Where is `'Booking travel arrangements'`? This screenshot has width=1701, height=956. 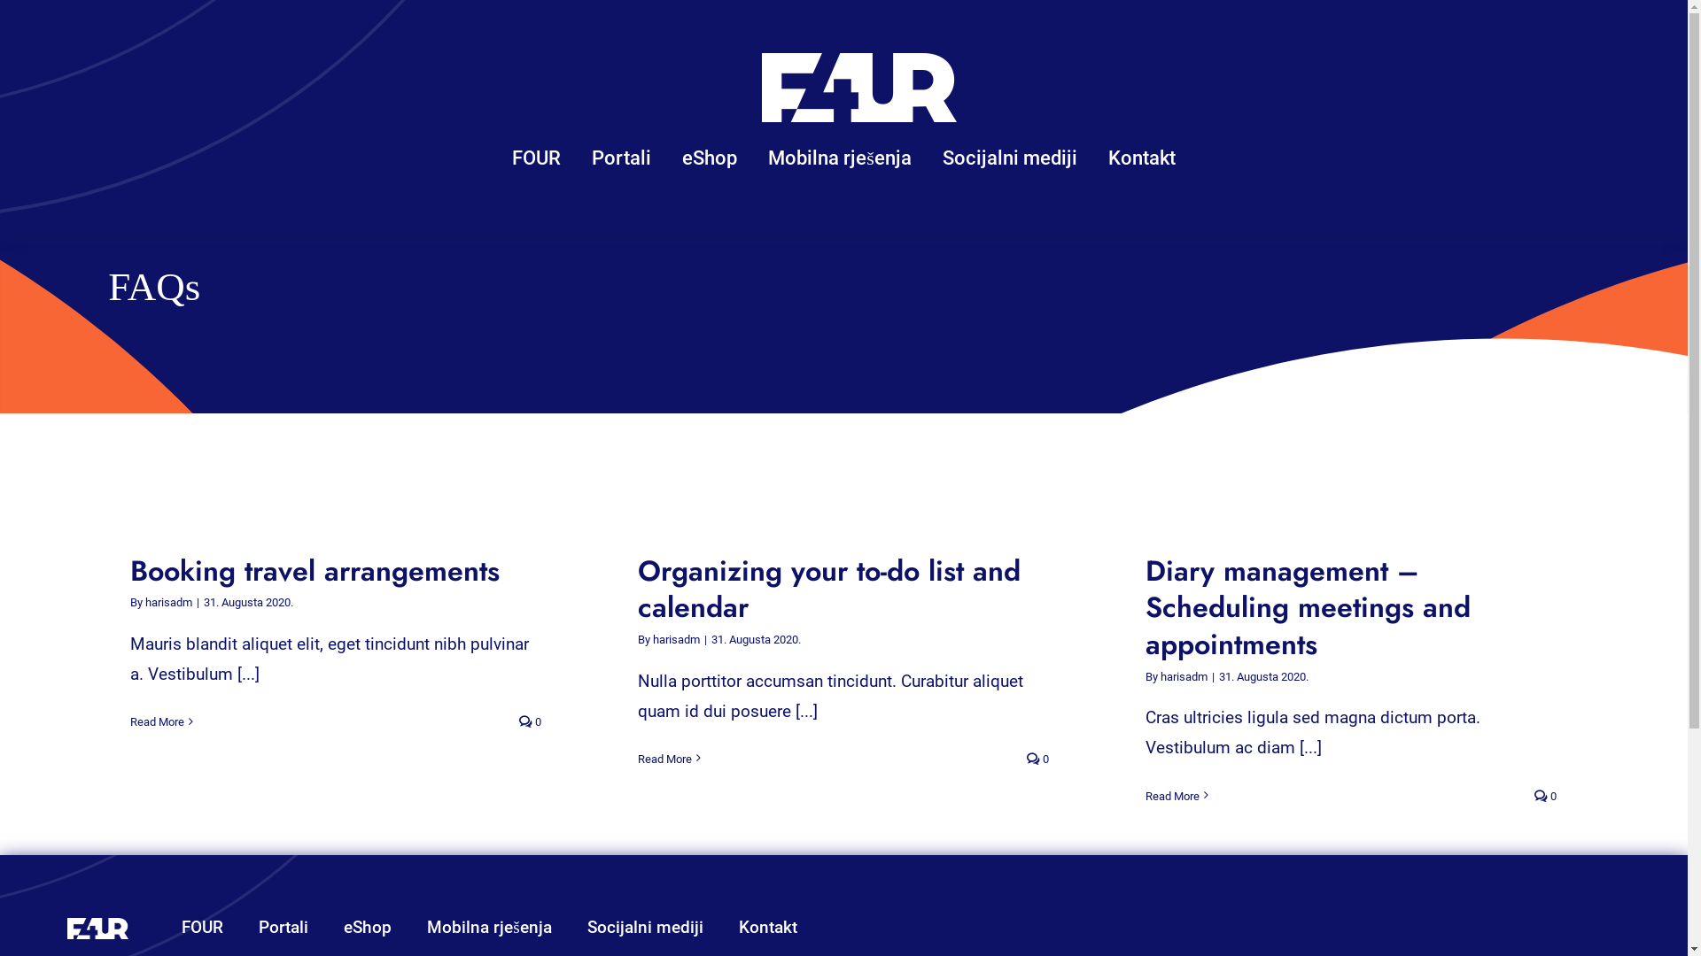
'Booking travel arrangements' is located at coordinates (315, 570).